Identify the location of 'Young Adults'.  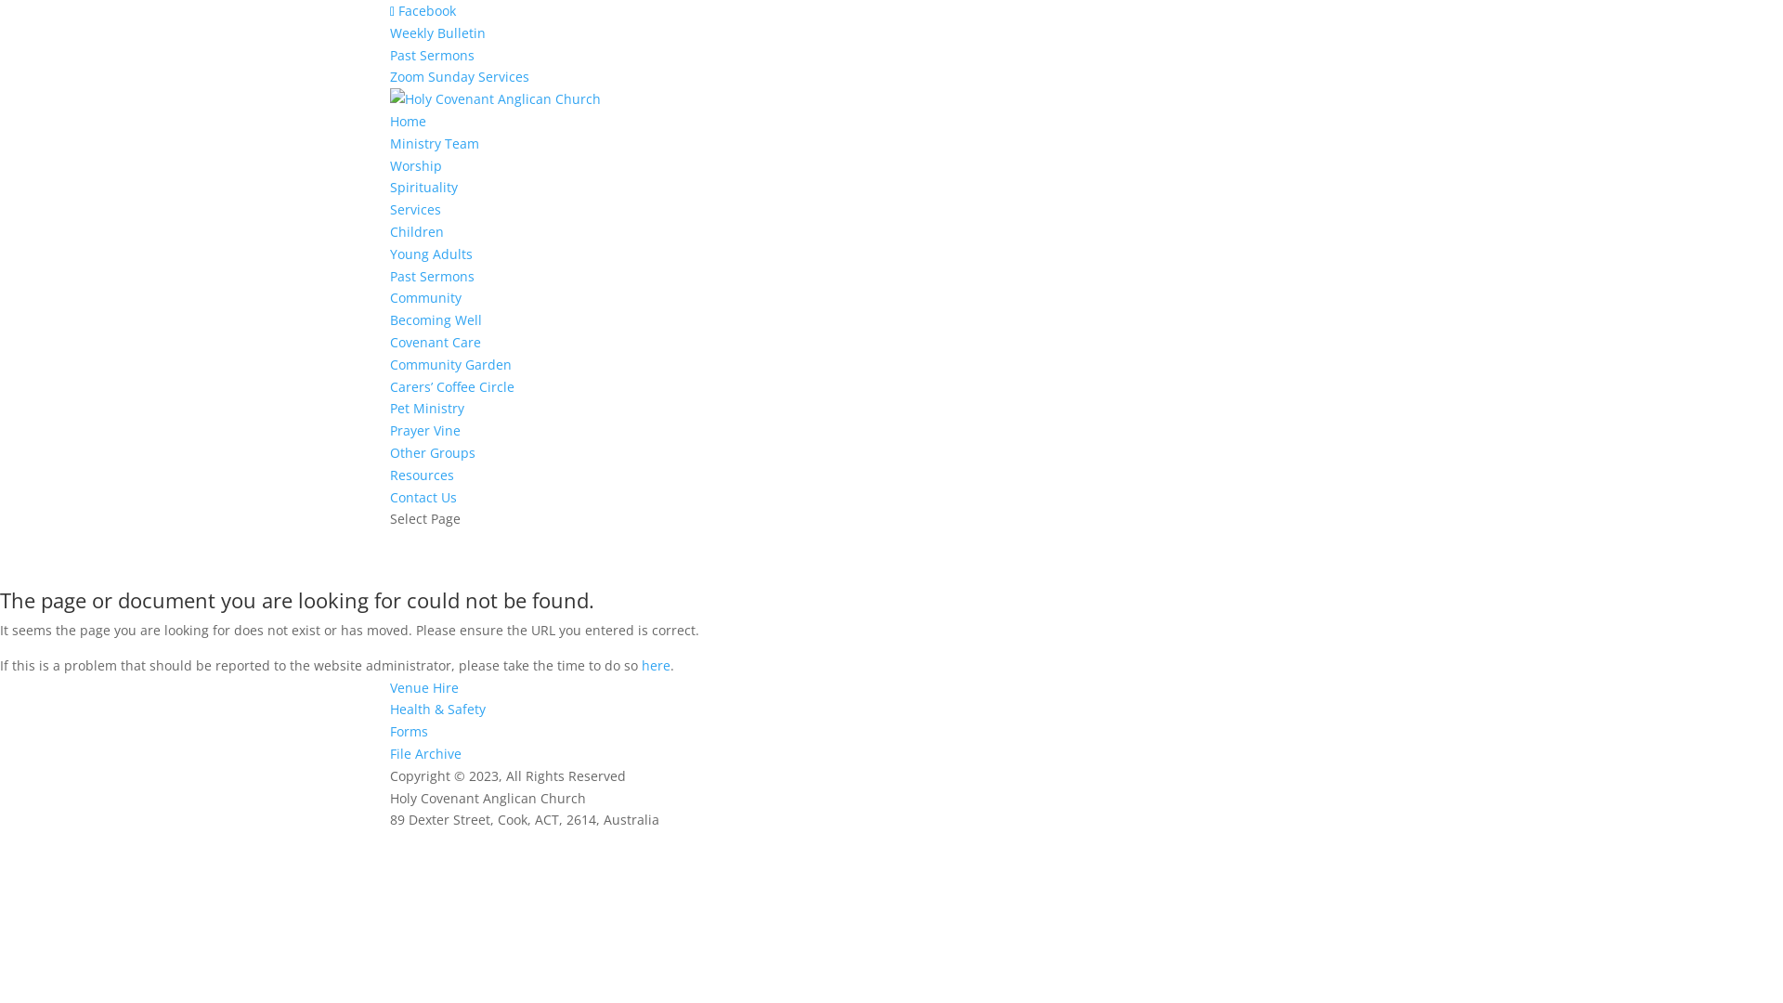
(389, 254).